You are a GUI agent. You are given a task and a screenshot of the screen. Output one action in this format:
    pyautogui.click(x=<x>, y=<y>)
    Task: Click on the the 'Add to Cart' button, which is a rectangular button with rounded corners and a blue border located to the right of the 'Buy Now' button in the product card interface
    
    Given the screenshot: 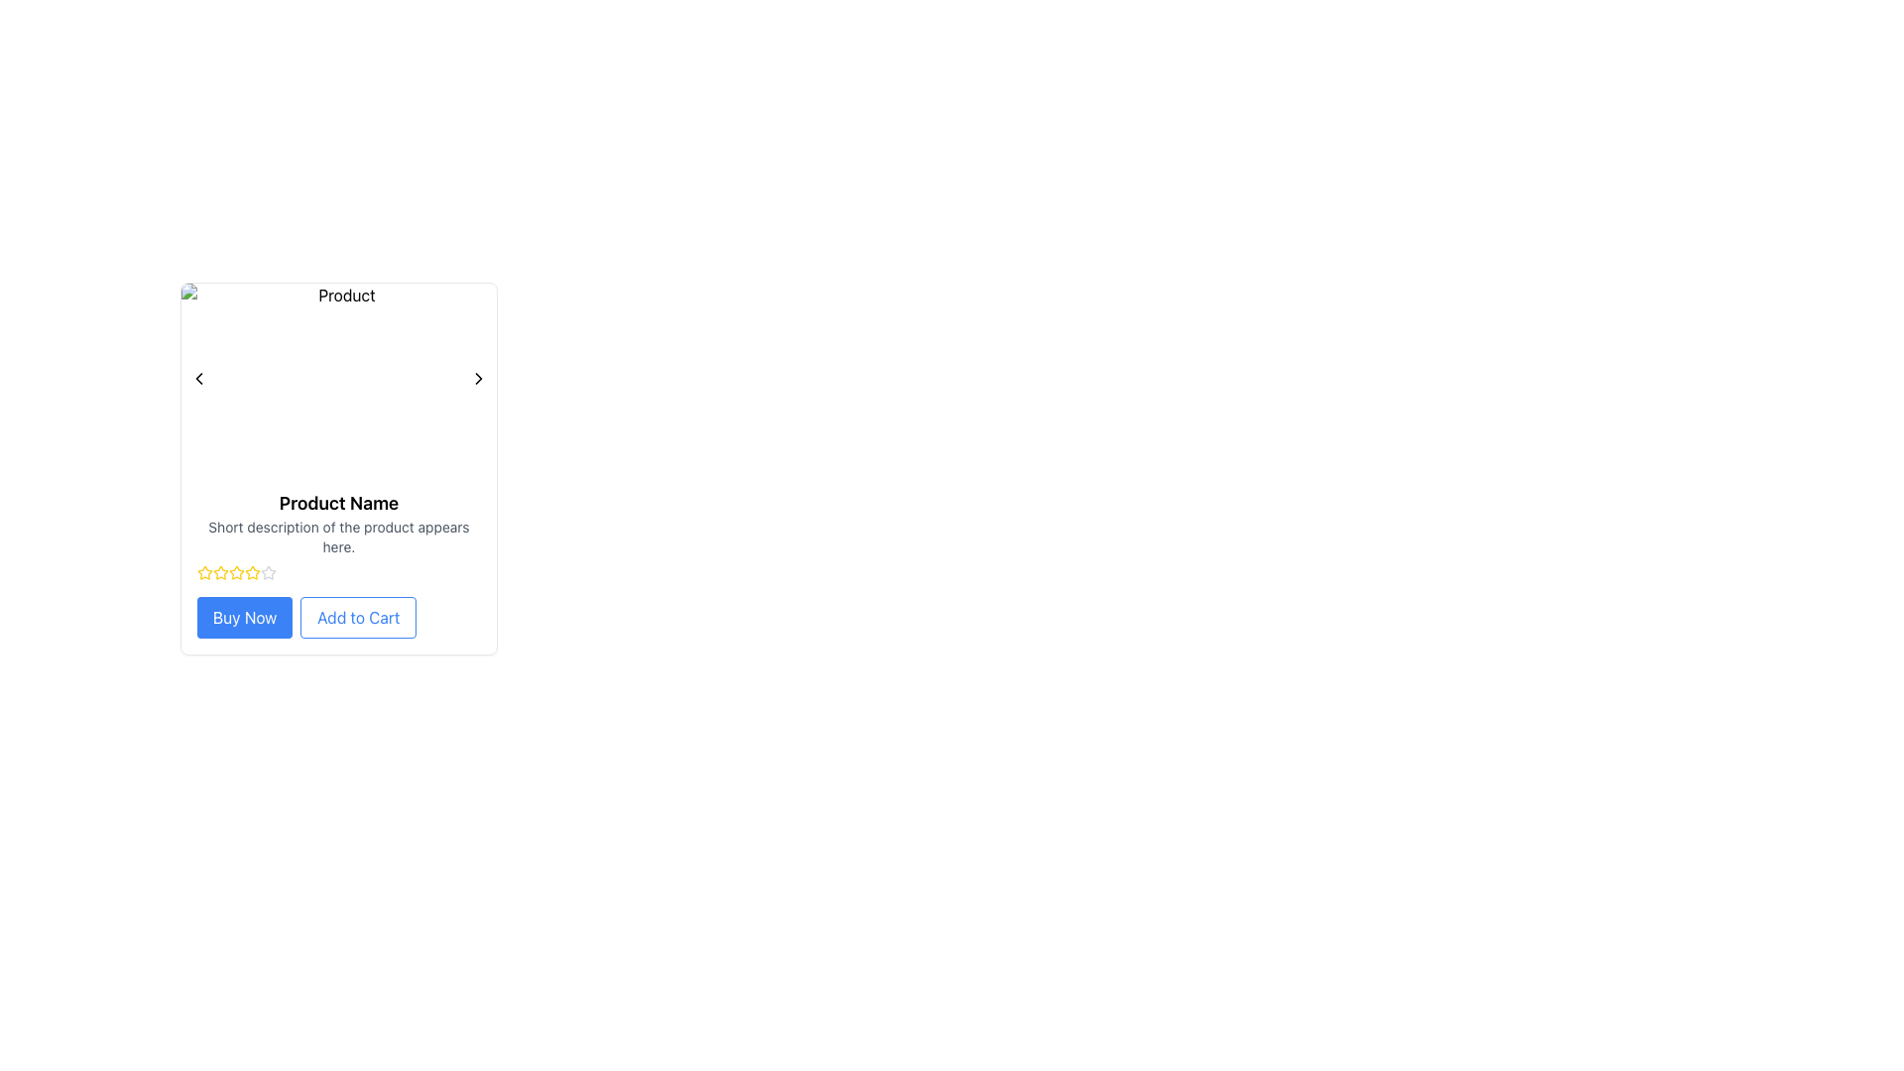 What is the action you would take?
    pyautogui.click(x=358, y=617)
    